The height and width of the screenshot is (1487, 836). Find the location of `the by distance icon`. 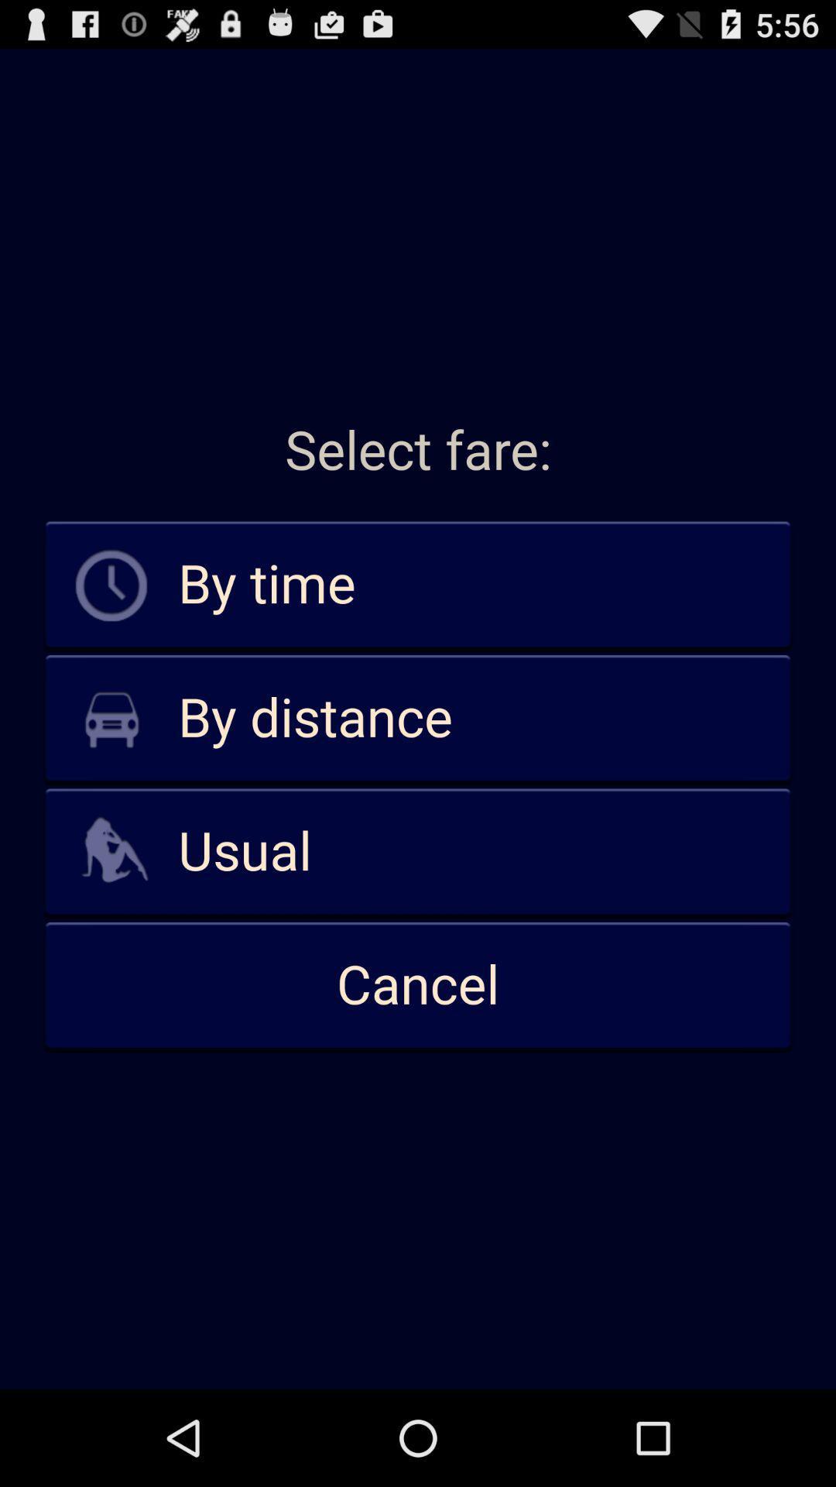

the by distance icon is located at coordinates (418, 718).